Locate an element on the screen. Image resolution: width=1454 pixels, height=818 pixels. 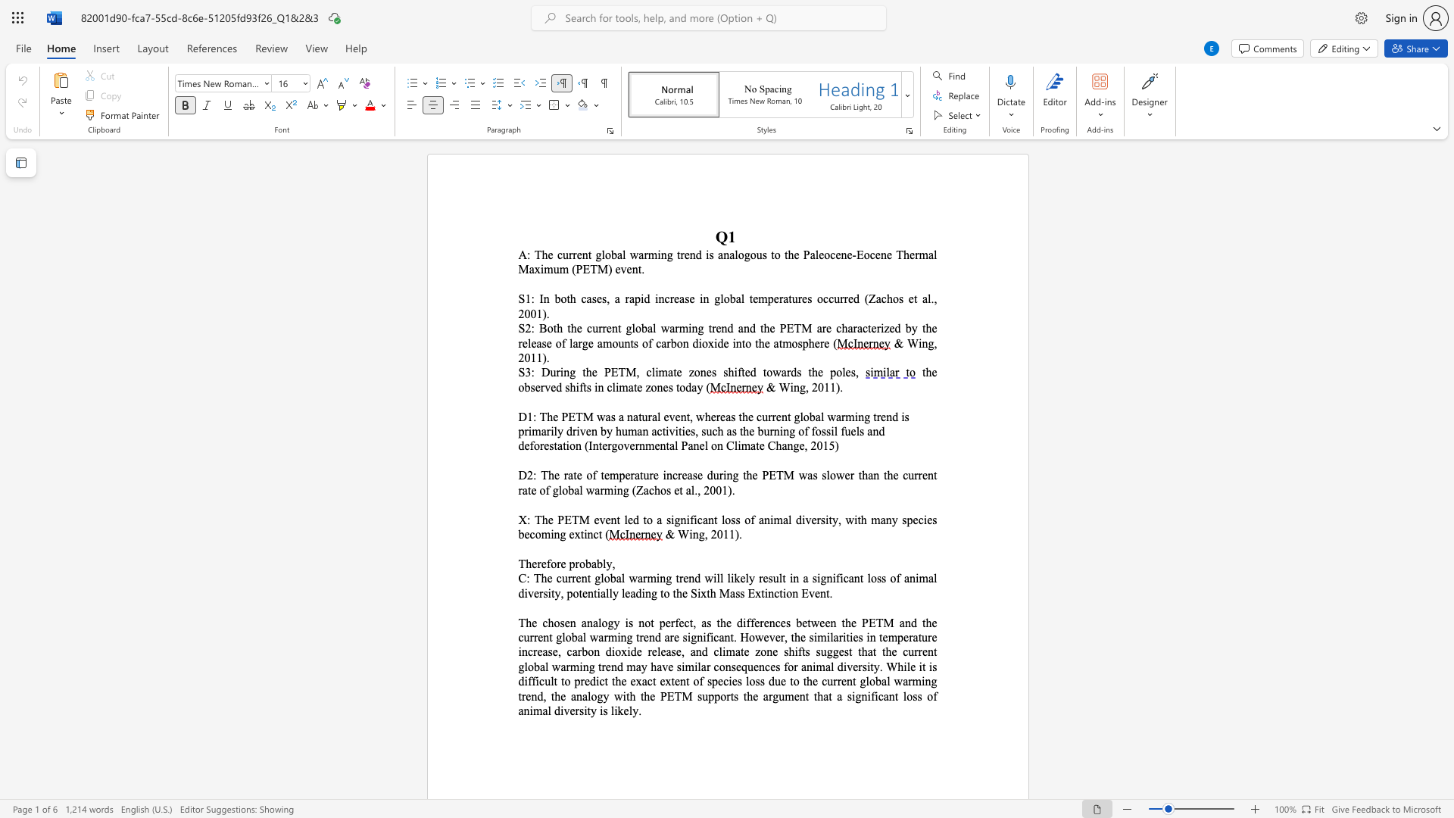
the subset text "011" within the text "& Wing, 2011)." is located at coordinates (524, 357).